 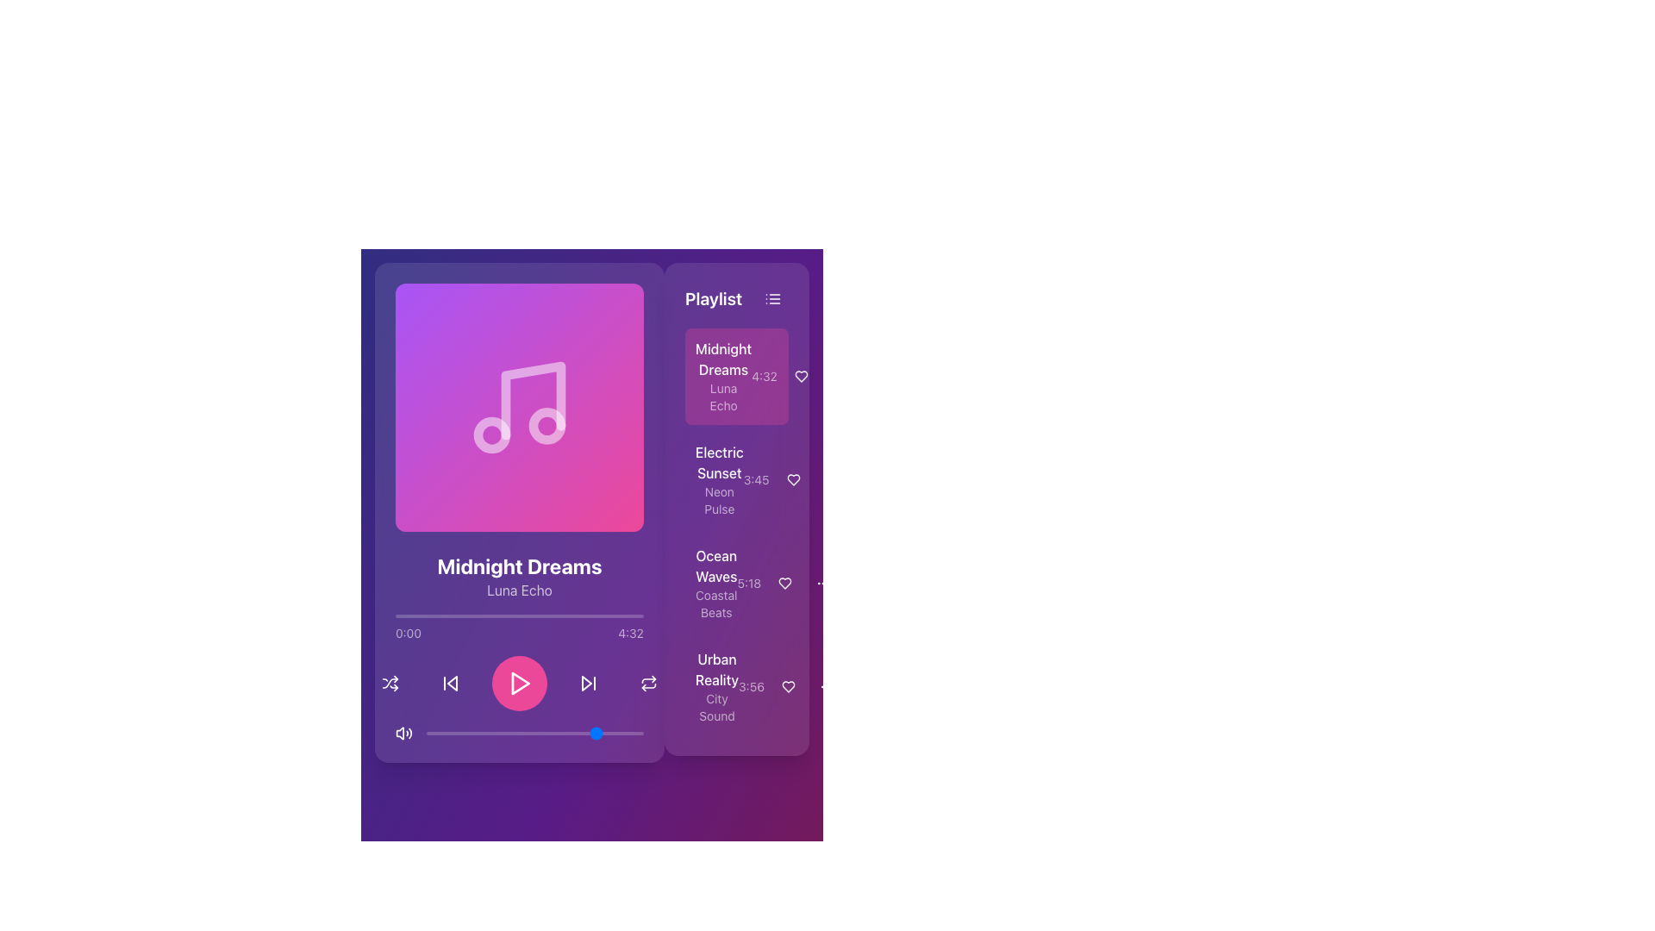 What do you see at coordinates (784, 583) in the screenshot?
I see `the heart icon next to 'Ocean Waves - Coastal Beats' in the playlist to mark it as a favorite` at bounding box center [784, 583].